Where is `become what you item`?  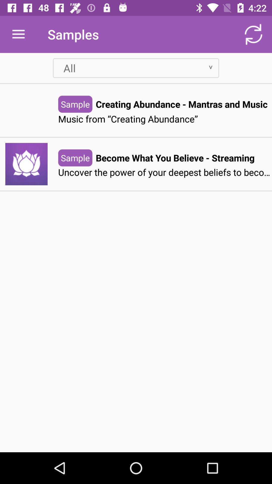
become what you item is located at coordinates (175, 158).